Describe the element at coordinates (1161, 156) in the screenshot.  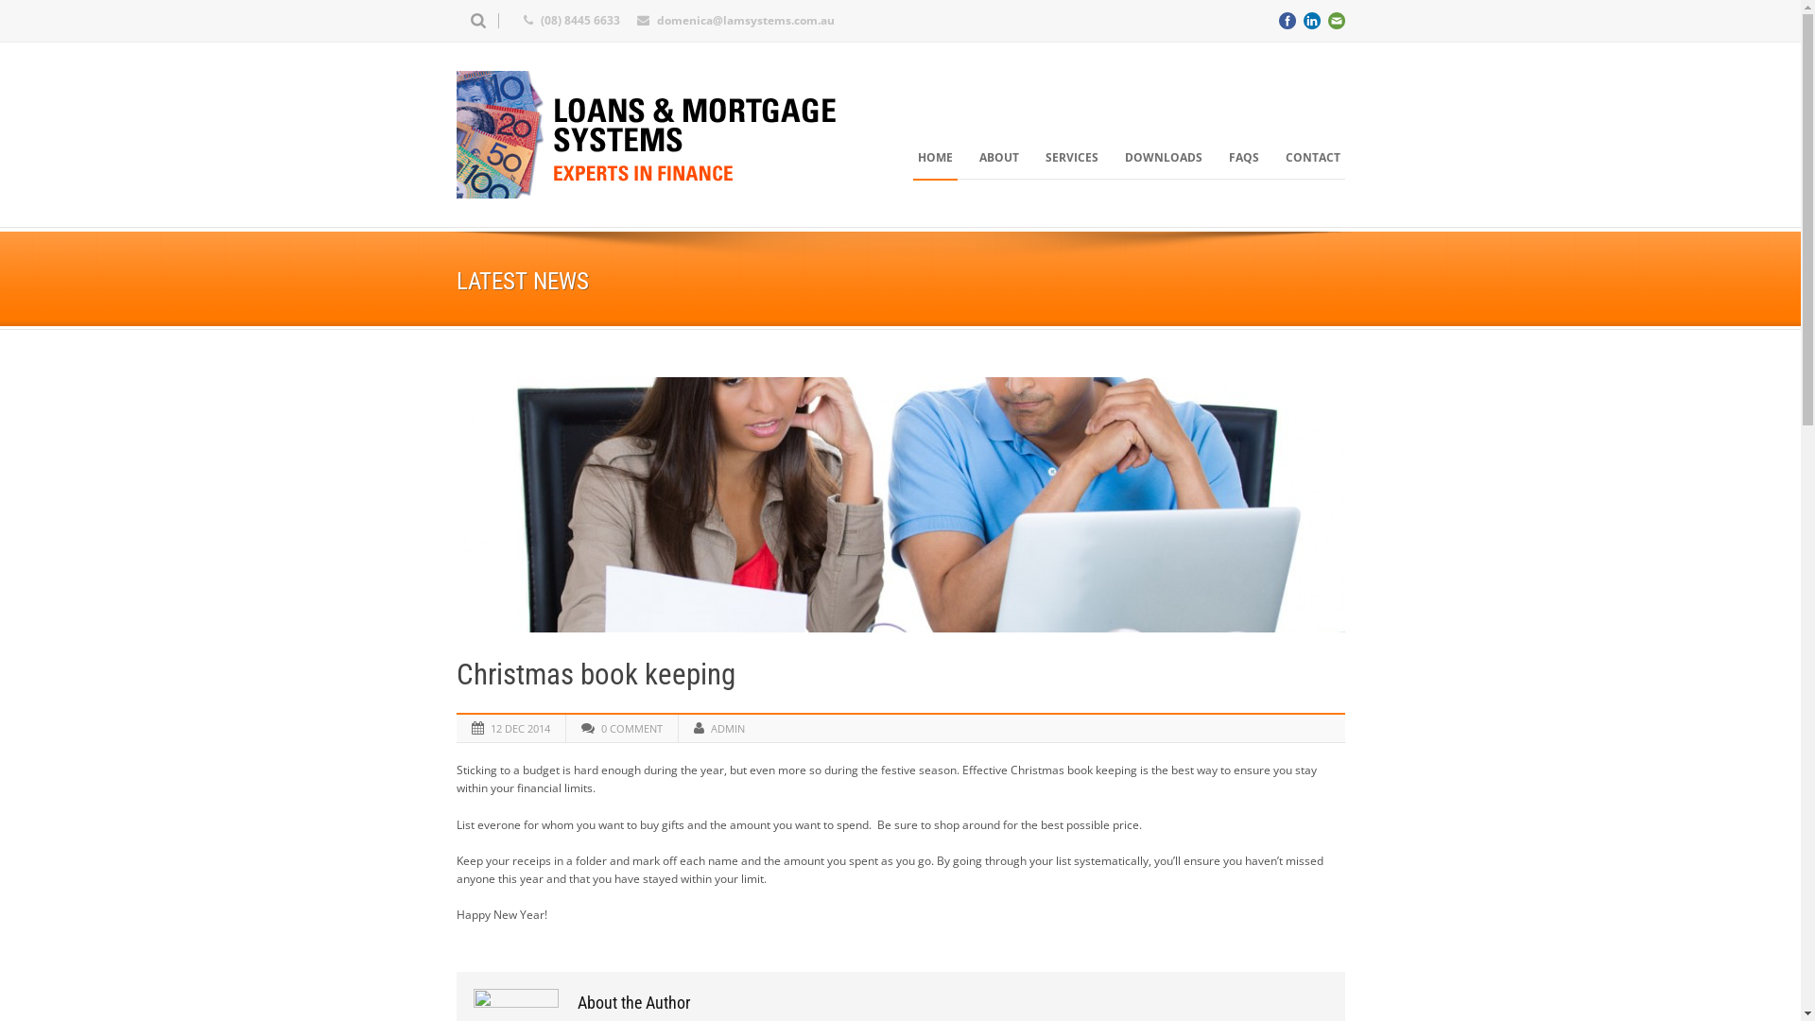
I see `'DOWNLOADS'` at that location.